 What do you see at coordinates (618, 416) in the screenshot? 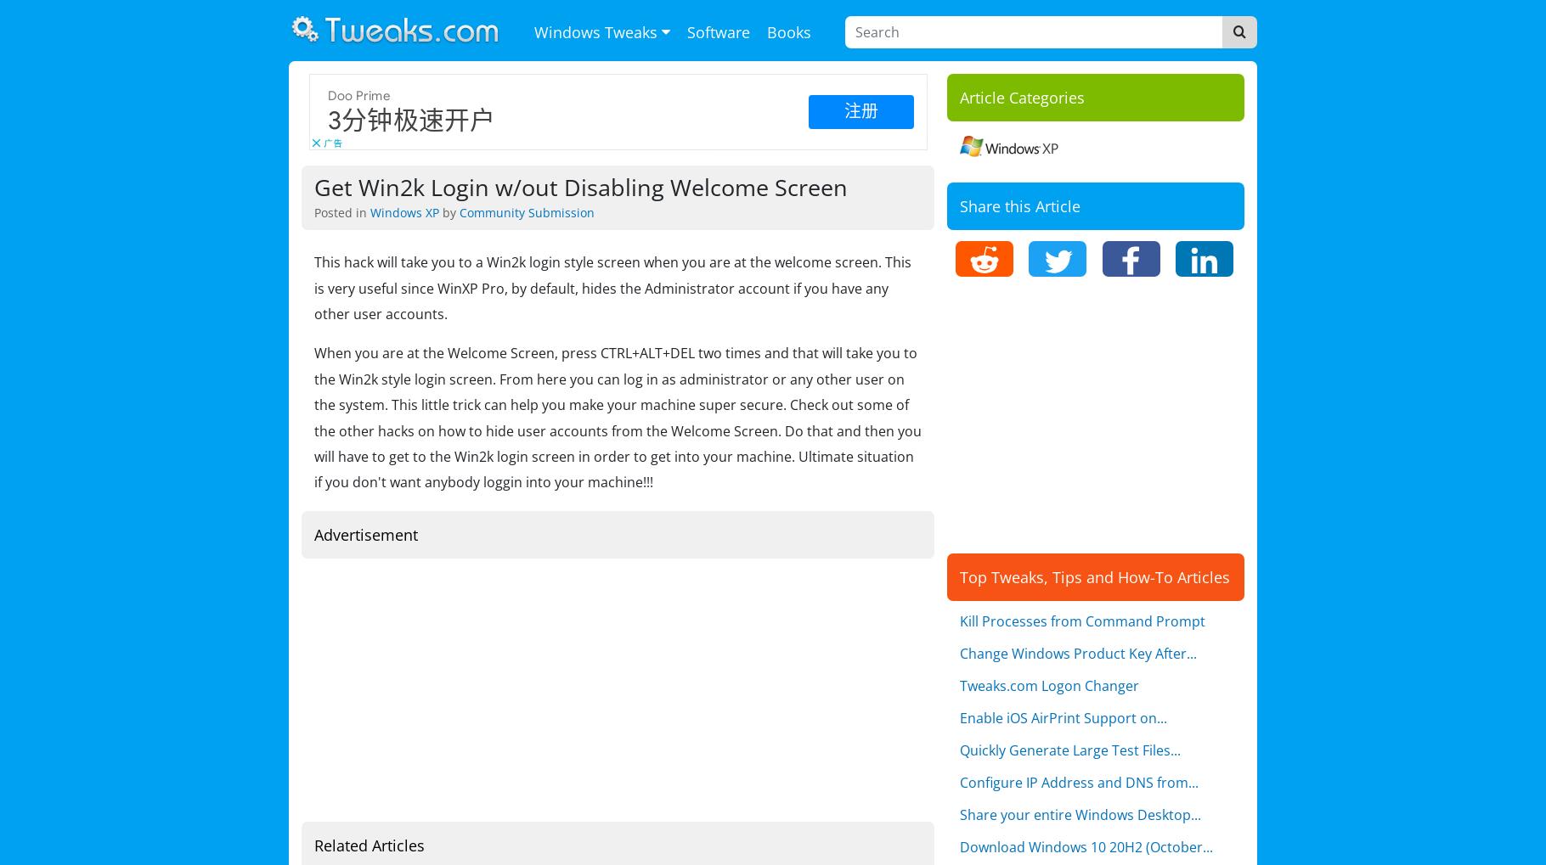
I see `'When you are at the Welcome Screen, press CTRL+ALT+DEL two times and that will take you to the Win2k style login screen. From here you can log in as administrator or any other user on the system. This little trick can help you make your machine super secure. Check out some of the other hacks on how to hide user accounts from the Welcome Screen. Do that and then you will have to get to the Win2k login screen in order to get into your machine. Ultimate situation if you don't want anybody loggin into your machine!!!'` at bounding box center [618, 416].